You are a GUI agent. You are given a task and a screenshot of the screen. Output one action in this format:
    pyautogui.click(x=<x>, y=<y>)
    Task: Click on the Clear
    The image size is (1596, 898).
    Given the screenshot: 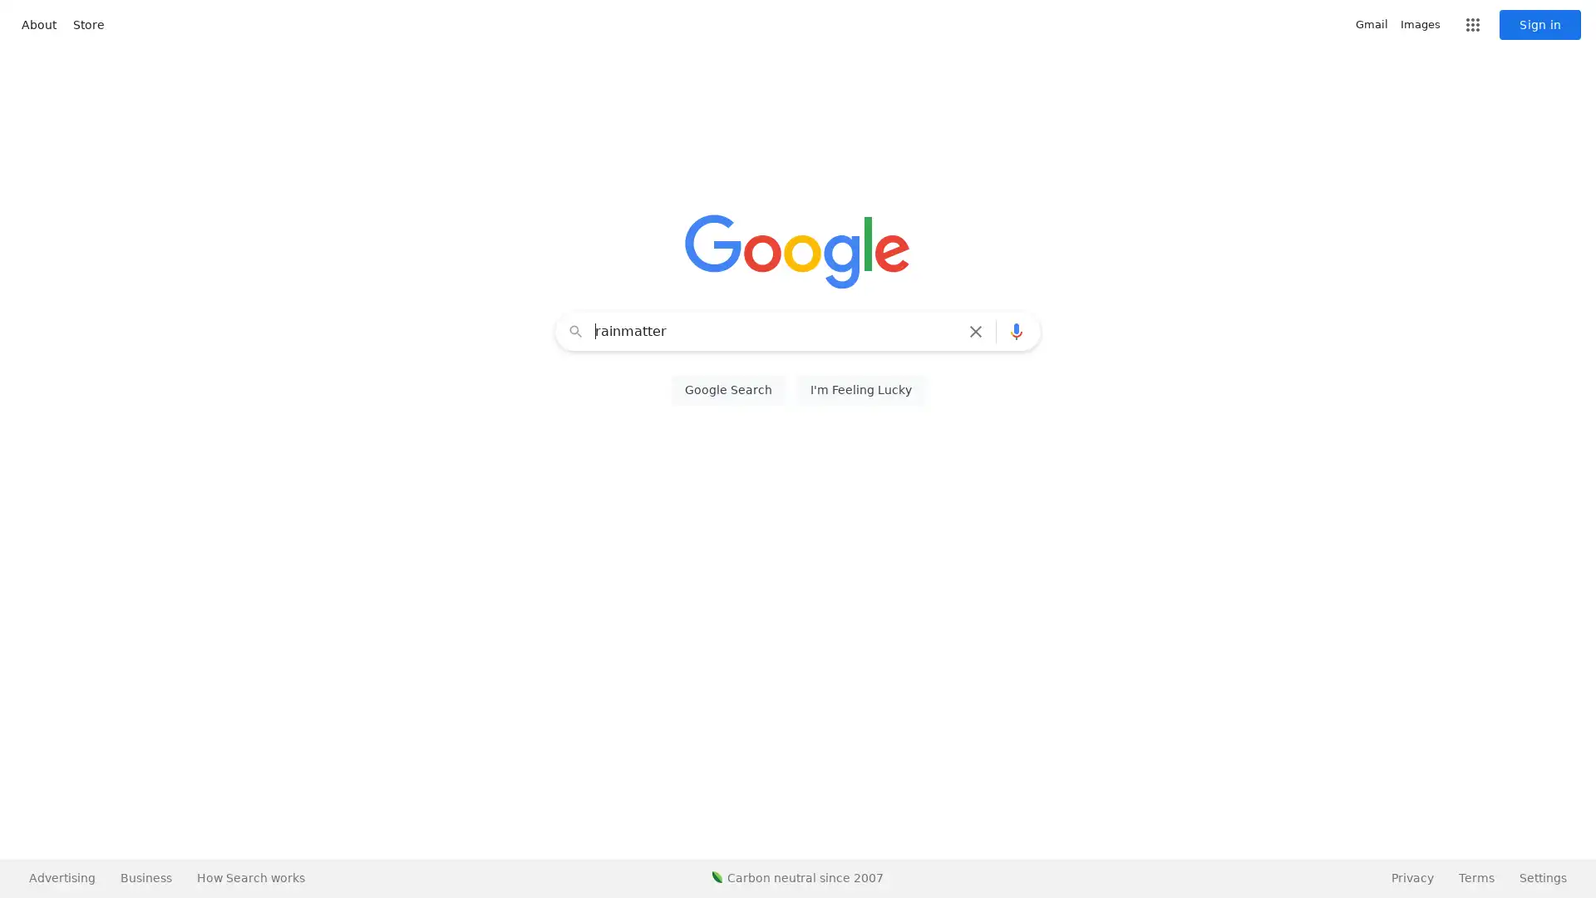 What is the action you would take?
    pyautogui.click(x=979, y=331)
    